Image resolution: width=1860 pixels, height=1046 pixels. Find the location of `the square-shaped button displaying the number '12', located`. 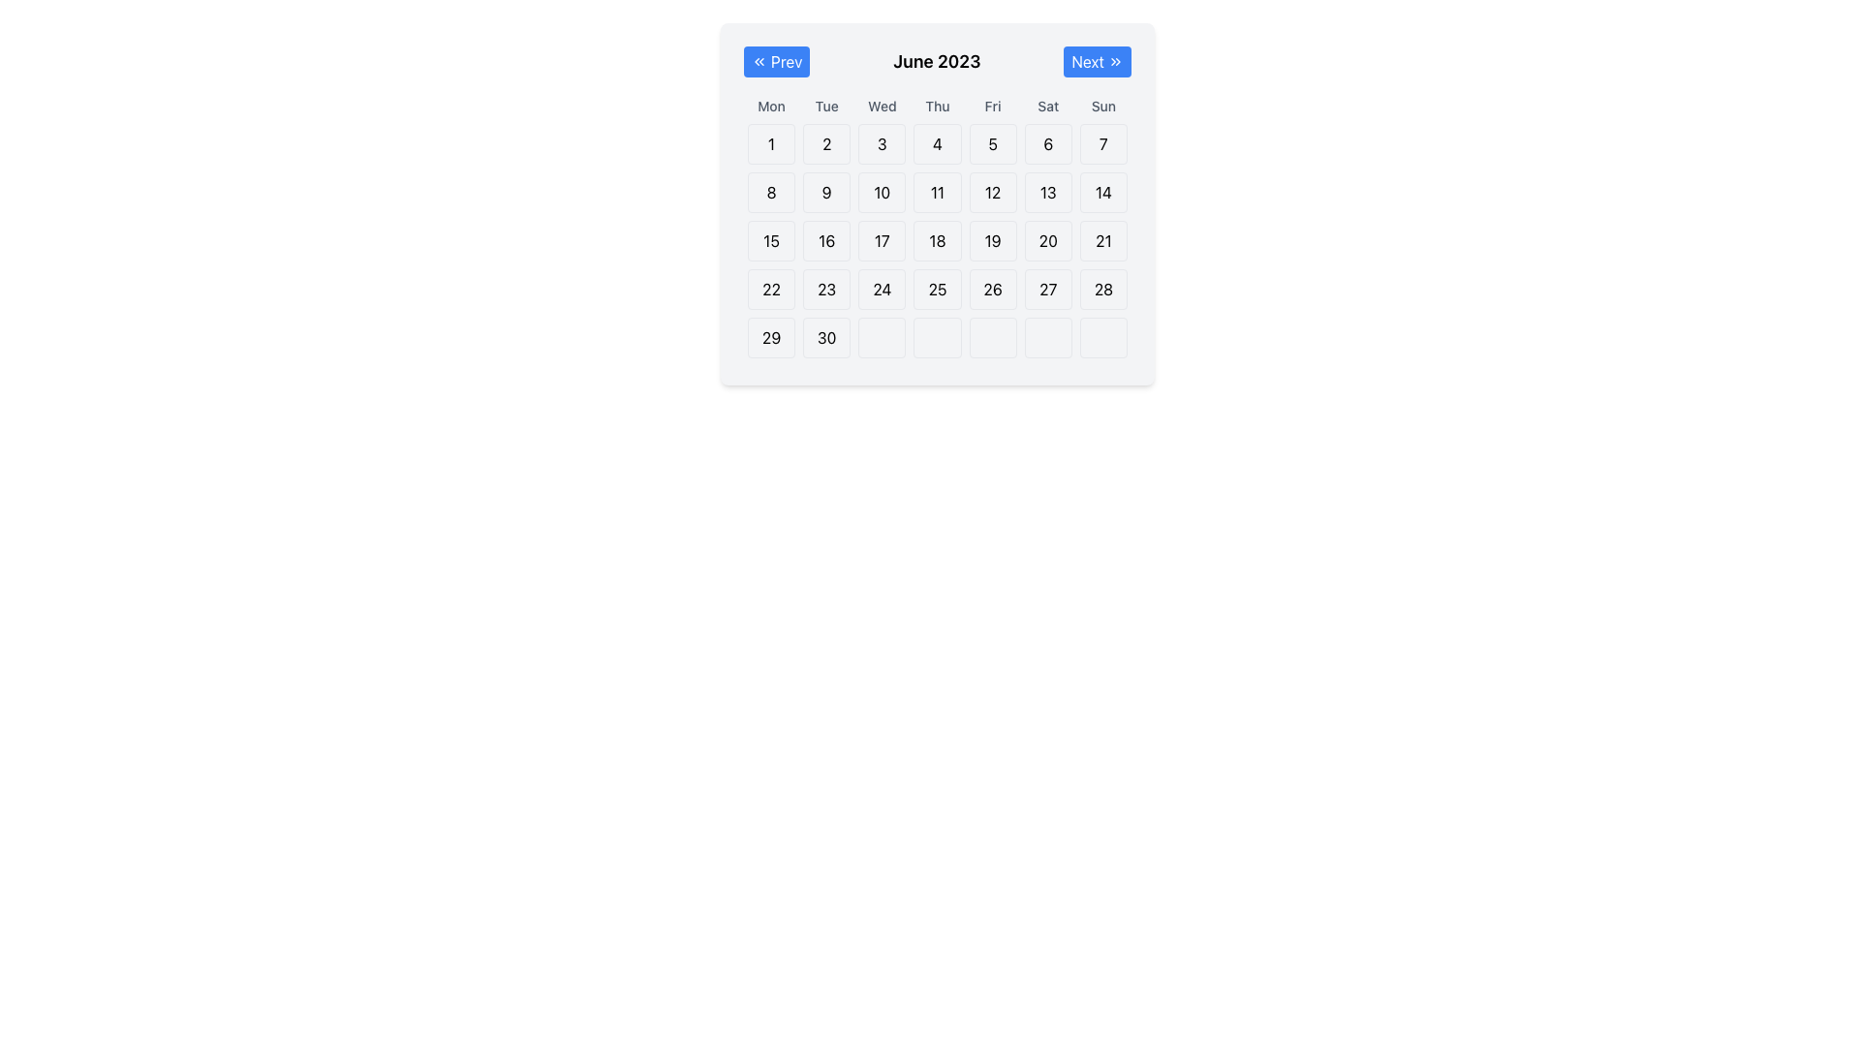

the square-shaped button displaying the number '12', located is located at coordinates (993, 193).